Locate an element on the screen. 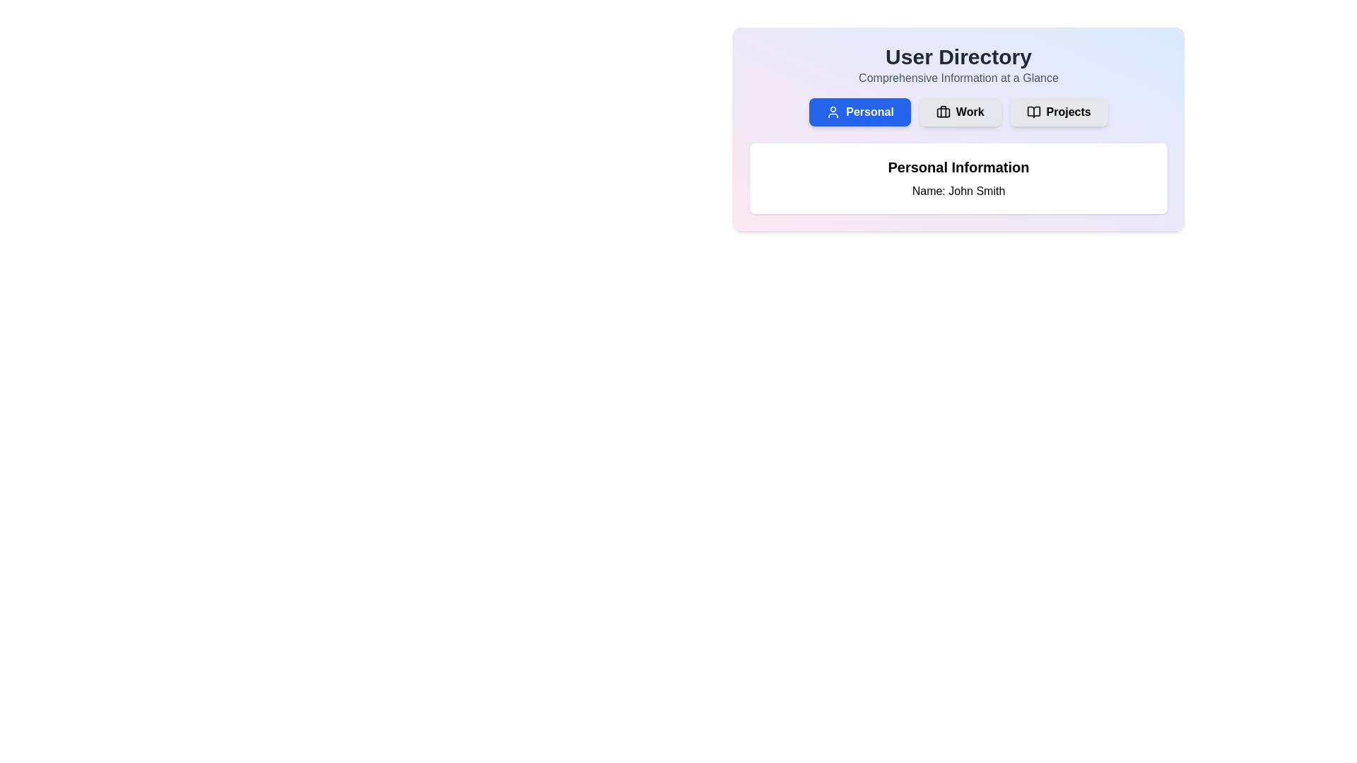  the text label displaying 'Name: John Smith' located under the 'Personal Information' header is located at coordinates (958, 191).